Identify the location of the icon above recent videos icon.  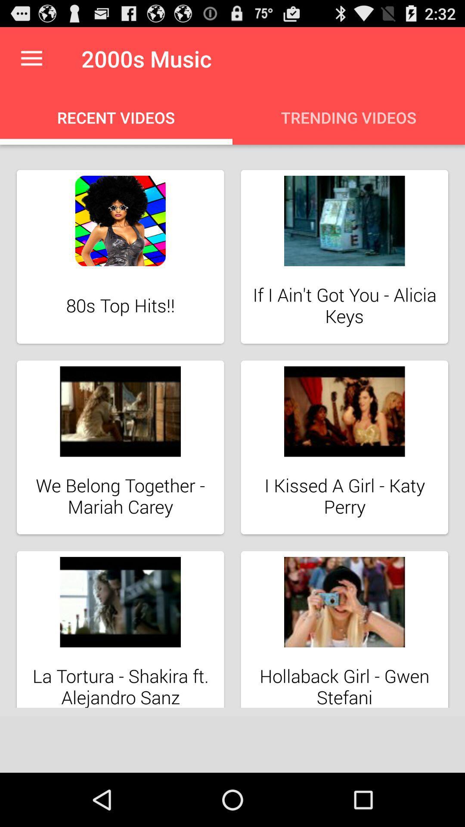
(31, 58).